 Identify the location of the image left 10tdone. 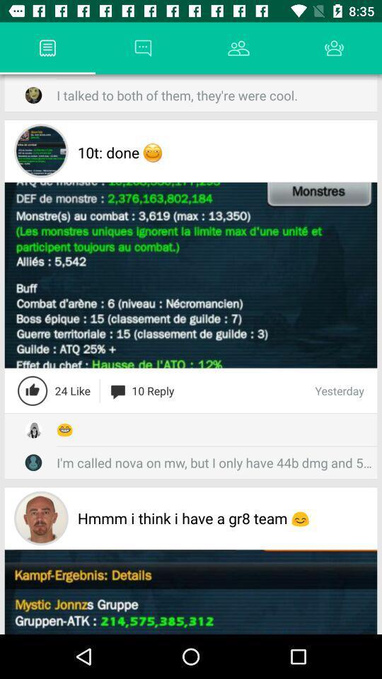
(41, 151).